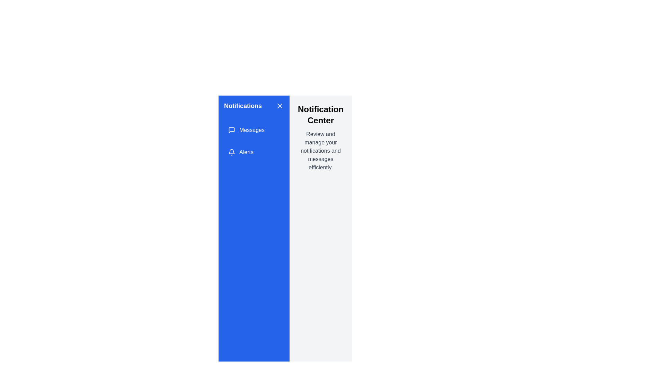 The image size is (665, 374). What do you see at coordinates (251, 130) in the screenshot?
I see `the 'Messages' label, which is styled with blue text on a blue background and is located in the left sidebar menu, next to a message bubble icon` at bounding box center [251, 130].